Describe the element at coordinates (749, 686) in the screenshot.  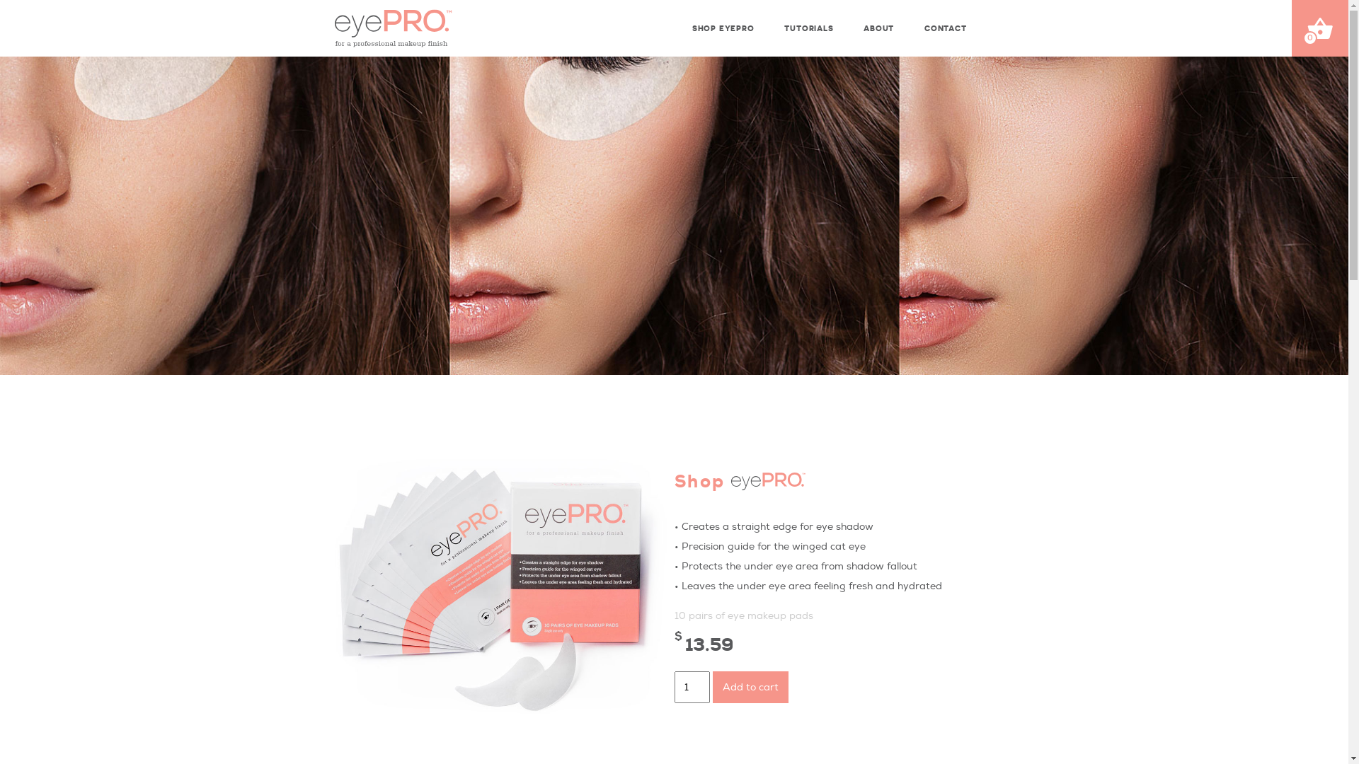
I see `'Add to cart'` at that location.